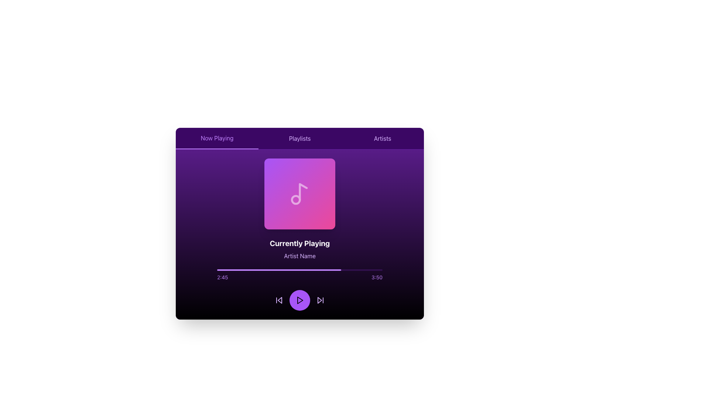 The height and width of the screenshot is (399, 709). What do you see at coordinates (278, 300) in the screenshot?
I see `the purple and white skip-back button located on the bottom-left of the control bar to skip back` at bounding box center [278, 300].